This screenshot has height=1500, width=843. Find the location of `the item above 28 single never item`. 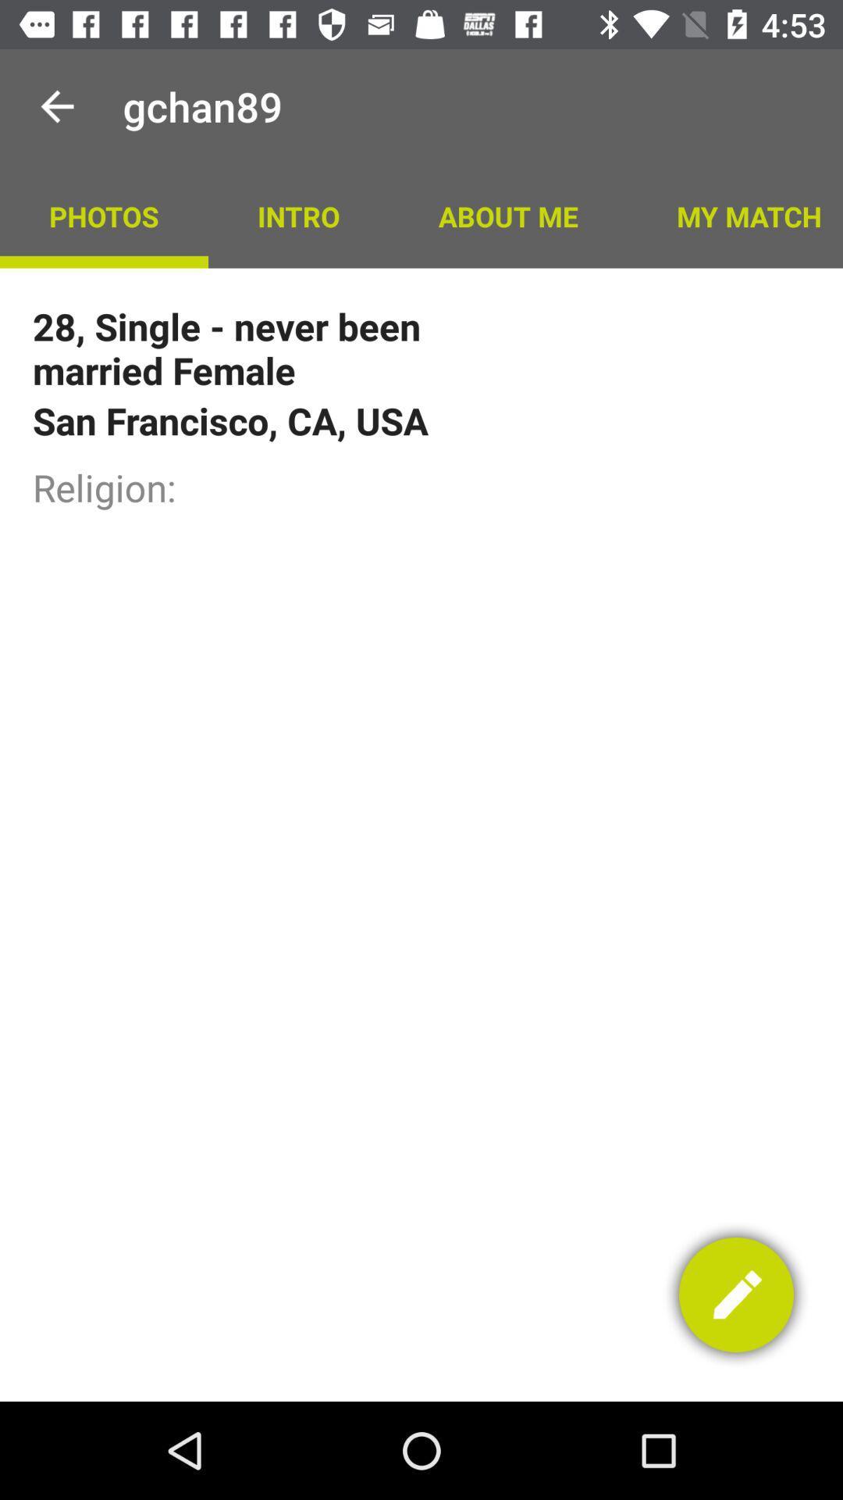

the item above 28 single never item is located at coordinates (104, 215).